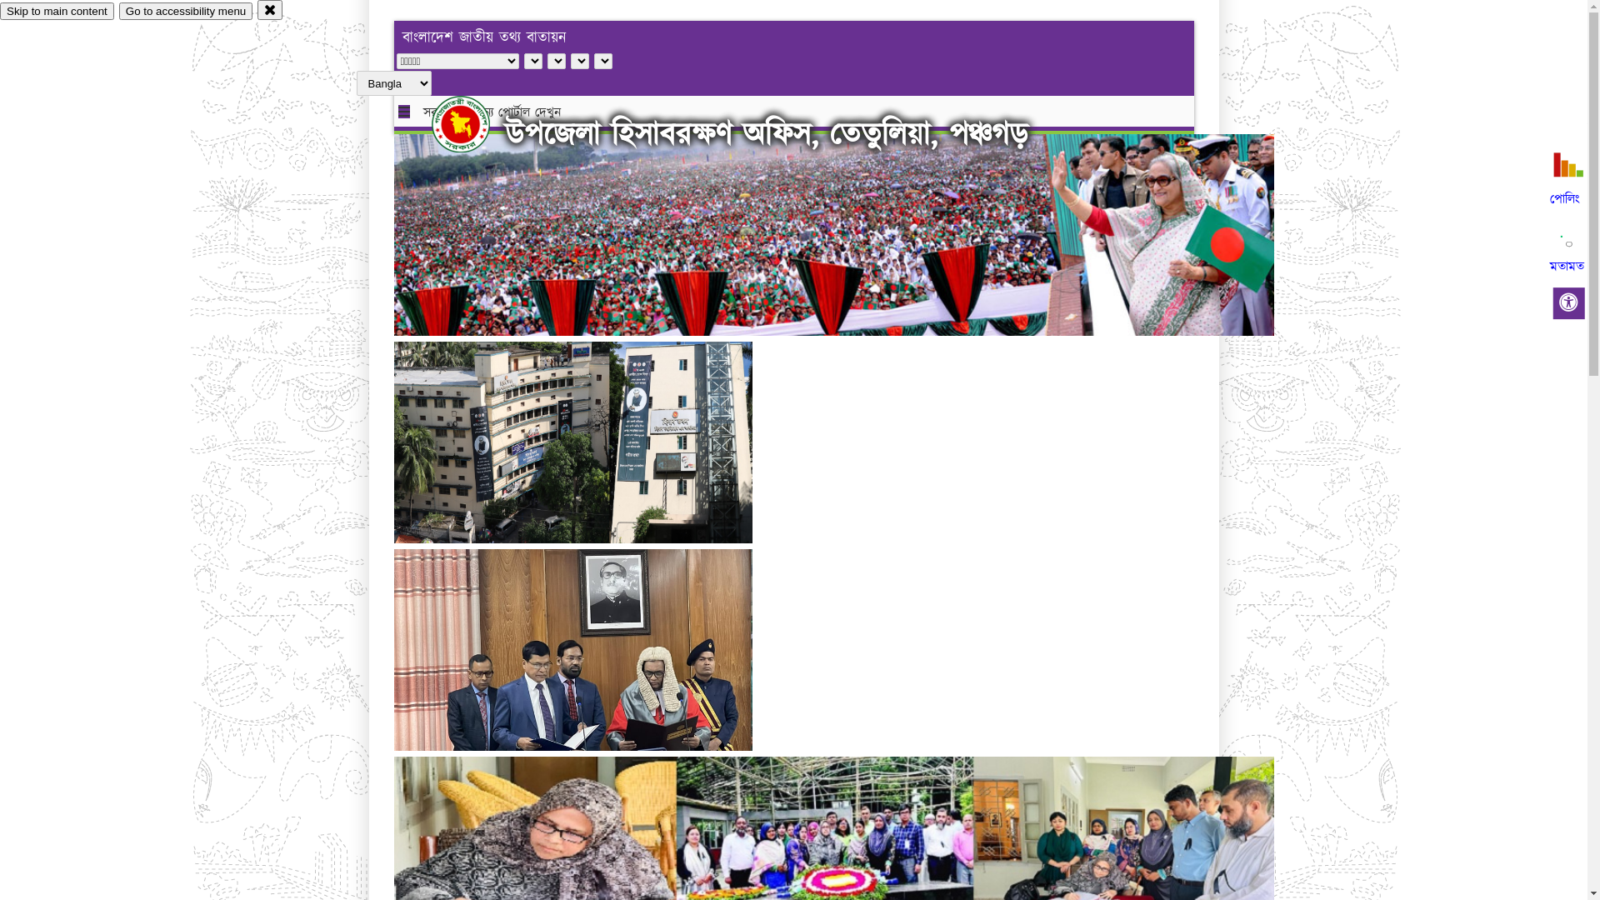 This screenshot has width=1600, height=900. I want to click on 'close', so click(256, 9).